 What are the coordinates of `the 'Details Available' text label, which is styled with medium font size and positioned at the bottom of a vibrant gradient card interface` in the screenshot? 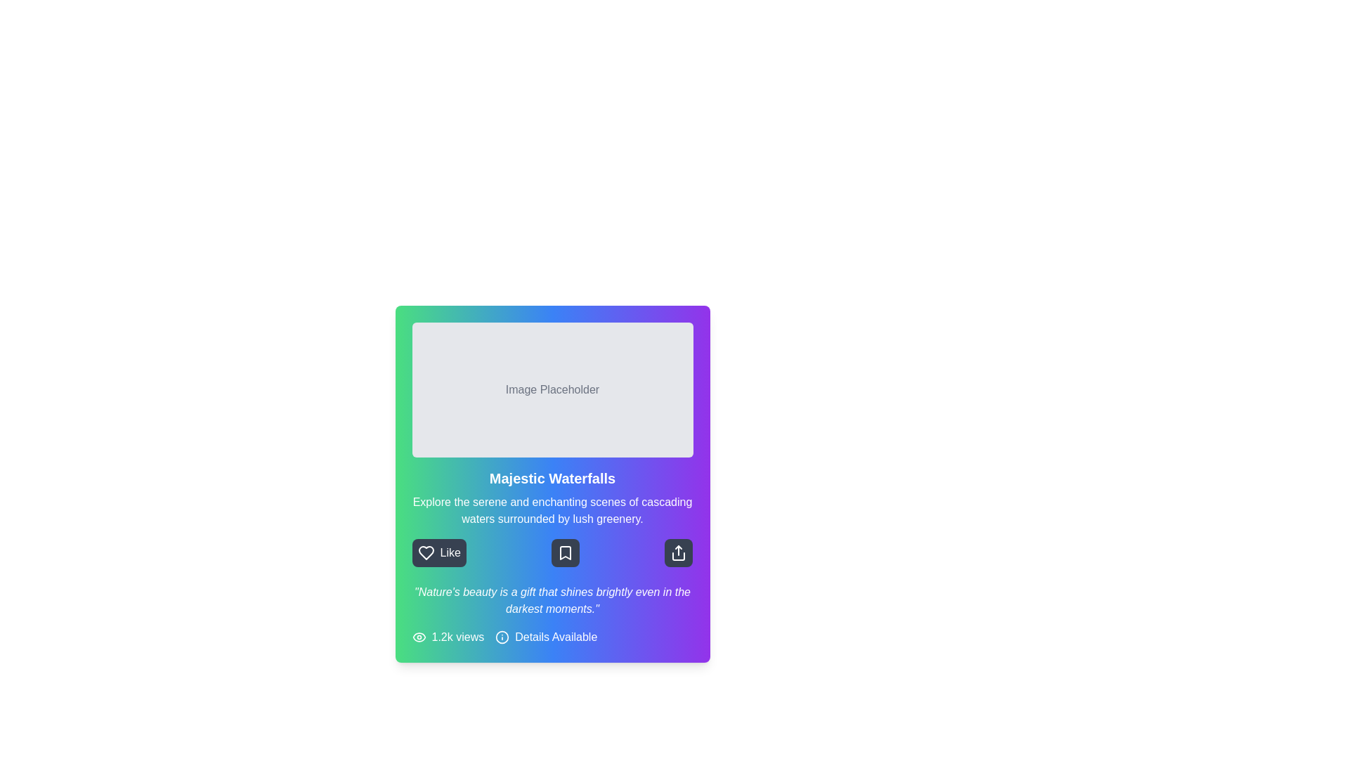 It's located at (555, 637).